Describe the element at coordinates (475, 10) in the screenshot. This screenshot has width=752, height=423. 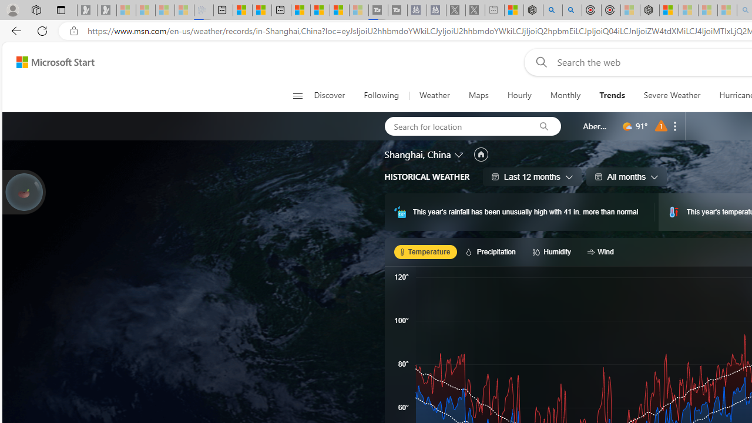
I see `'X - Sleeping'` at that location.